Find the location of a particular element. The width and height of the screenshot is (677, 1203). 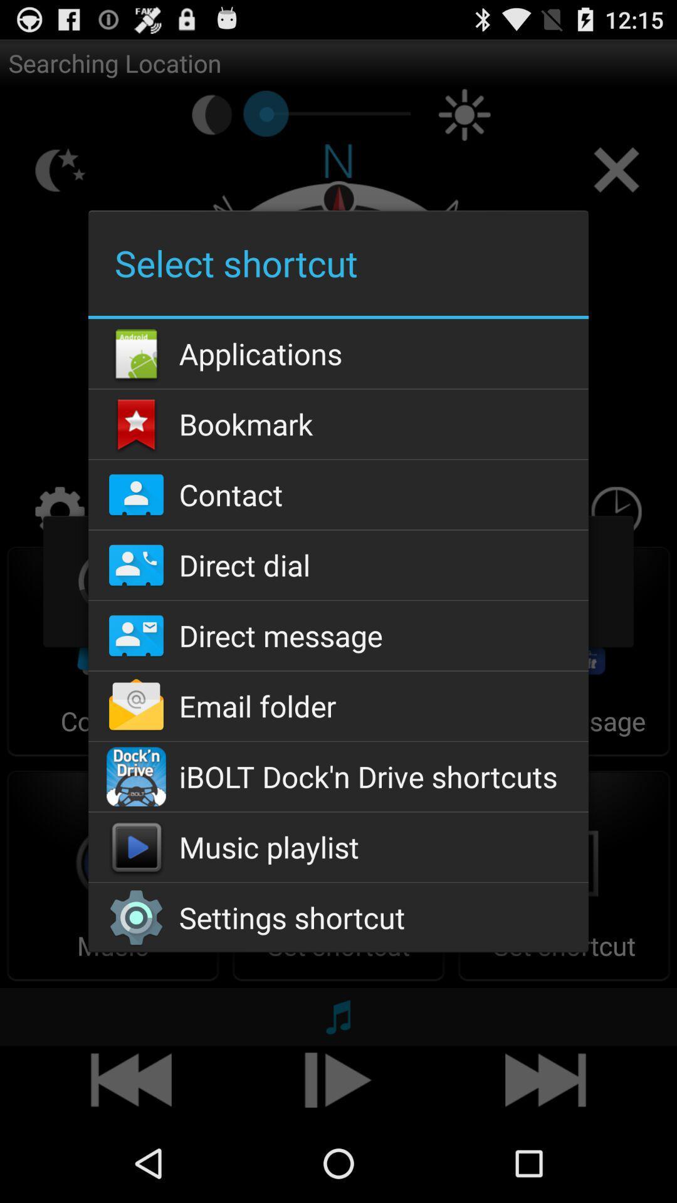

the app below direct dial icon is located at coordinates (338, 635).